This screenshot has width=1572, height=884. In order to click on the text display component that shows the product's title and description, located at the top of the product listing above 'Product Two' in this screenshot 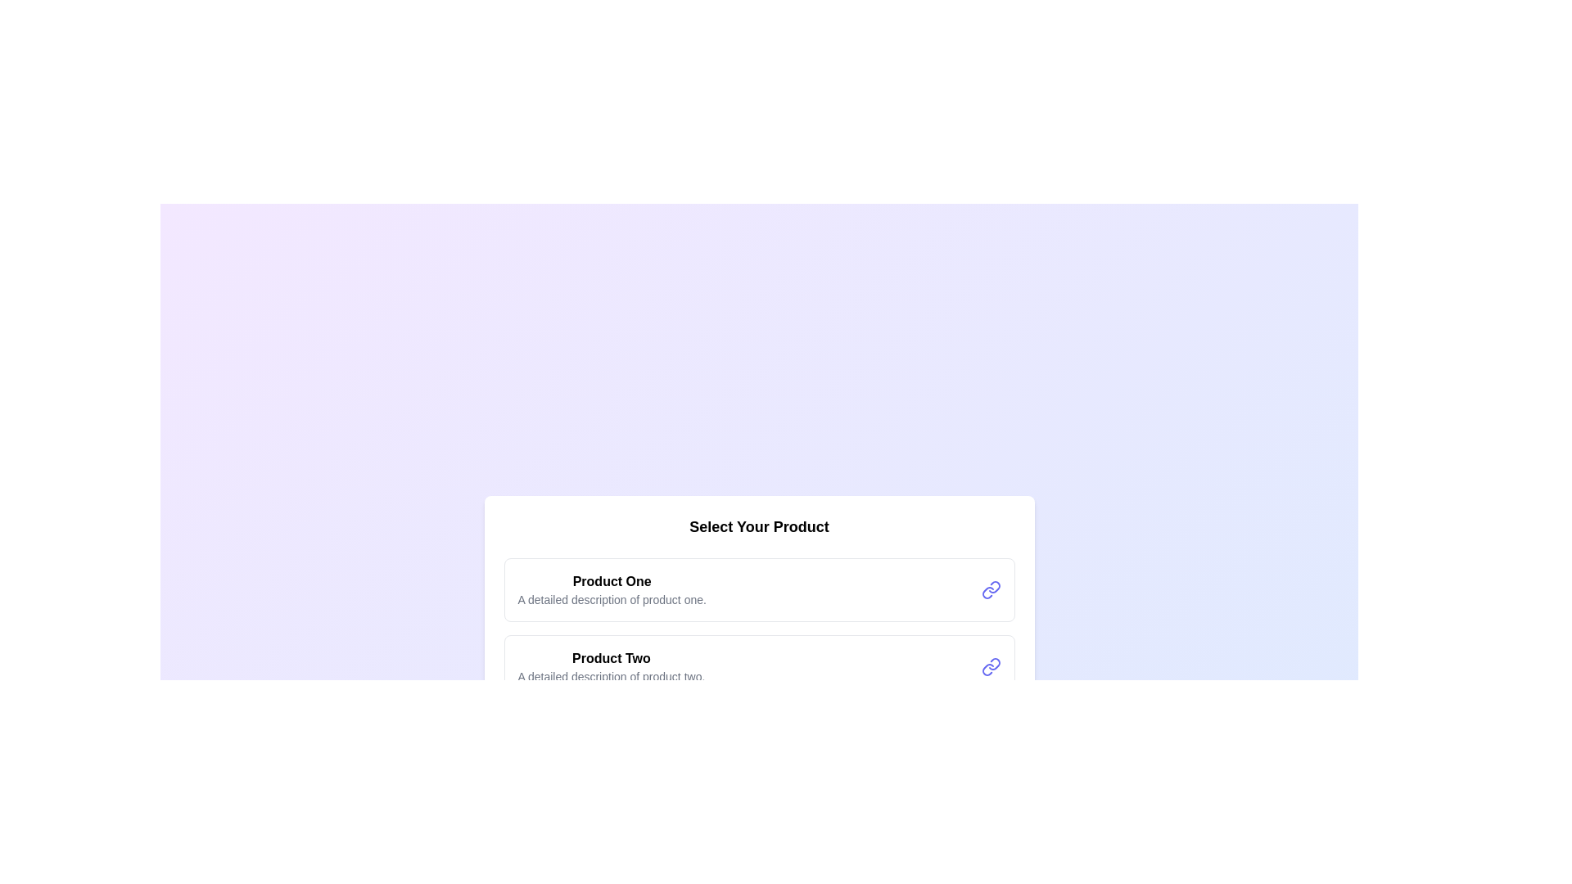, I will do `click(611, 590)`.